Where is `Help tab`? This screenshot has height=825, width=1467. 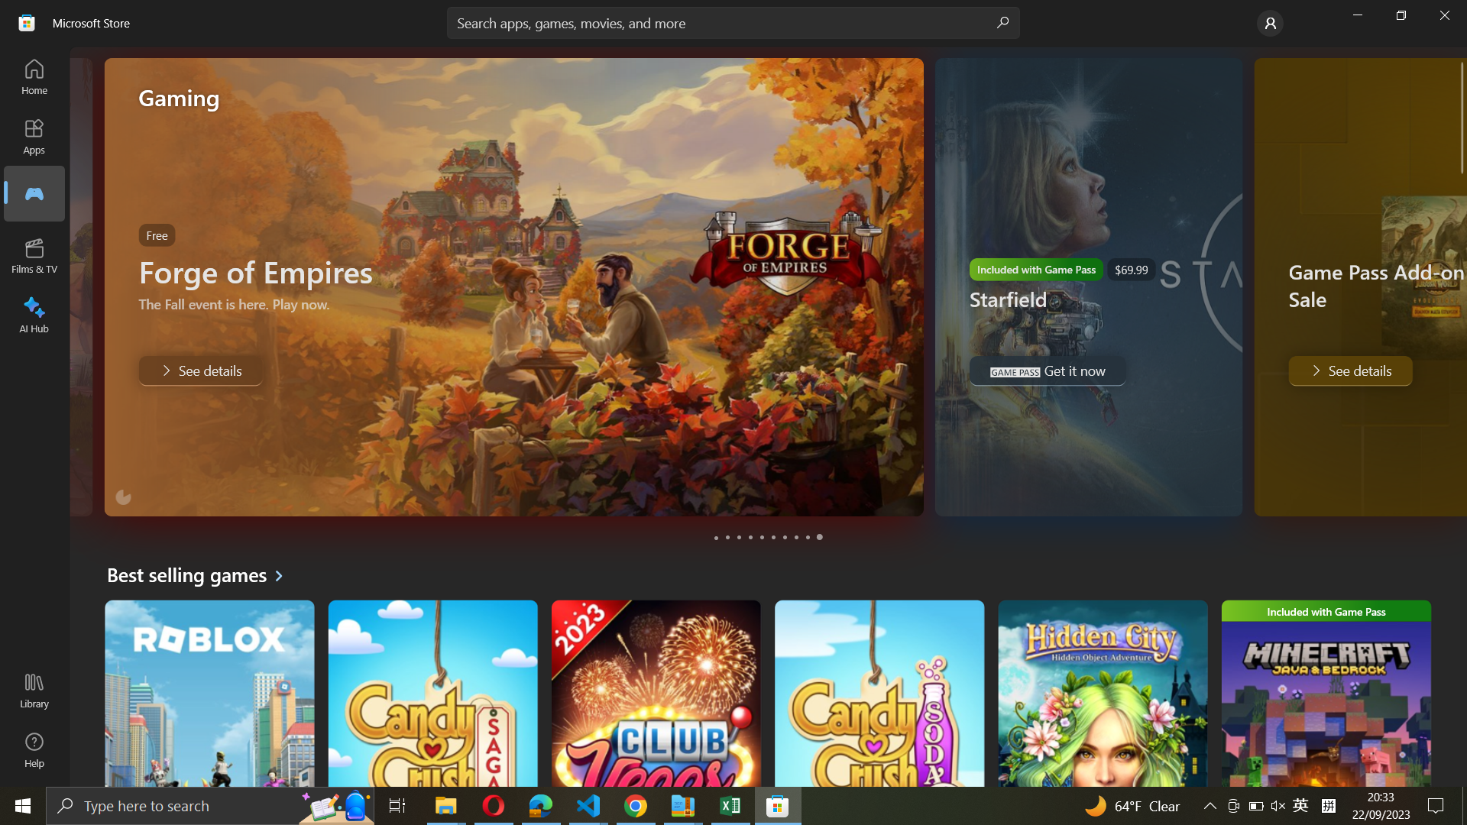
Help tab is located at coordinates (33, 750).